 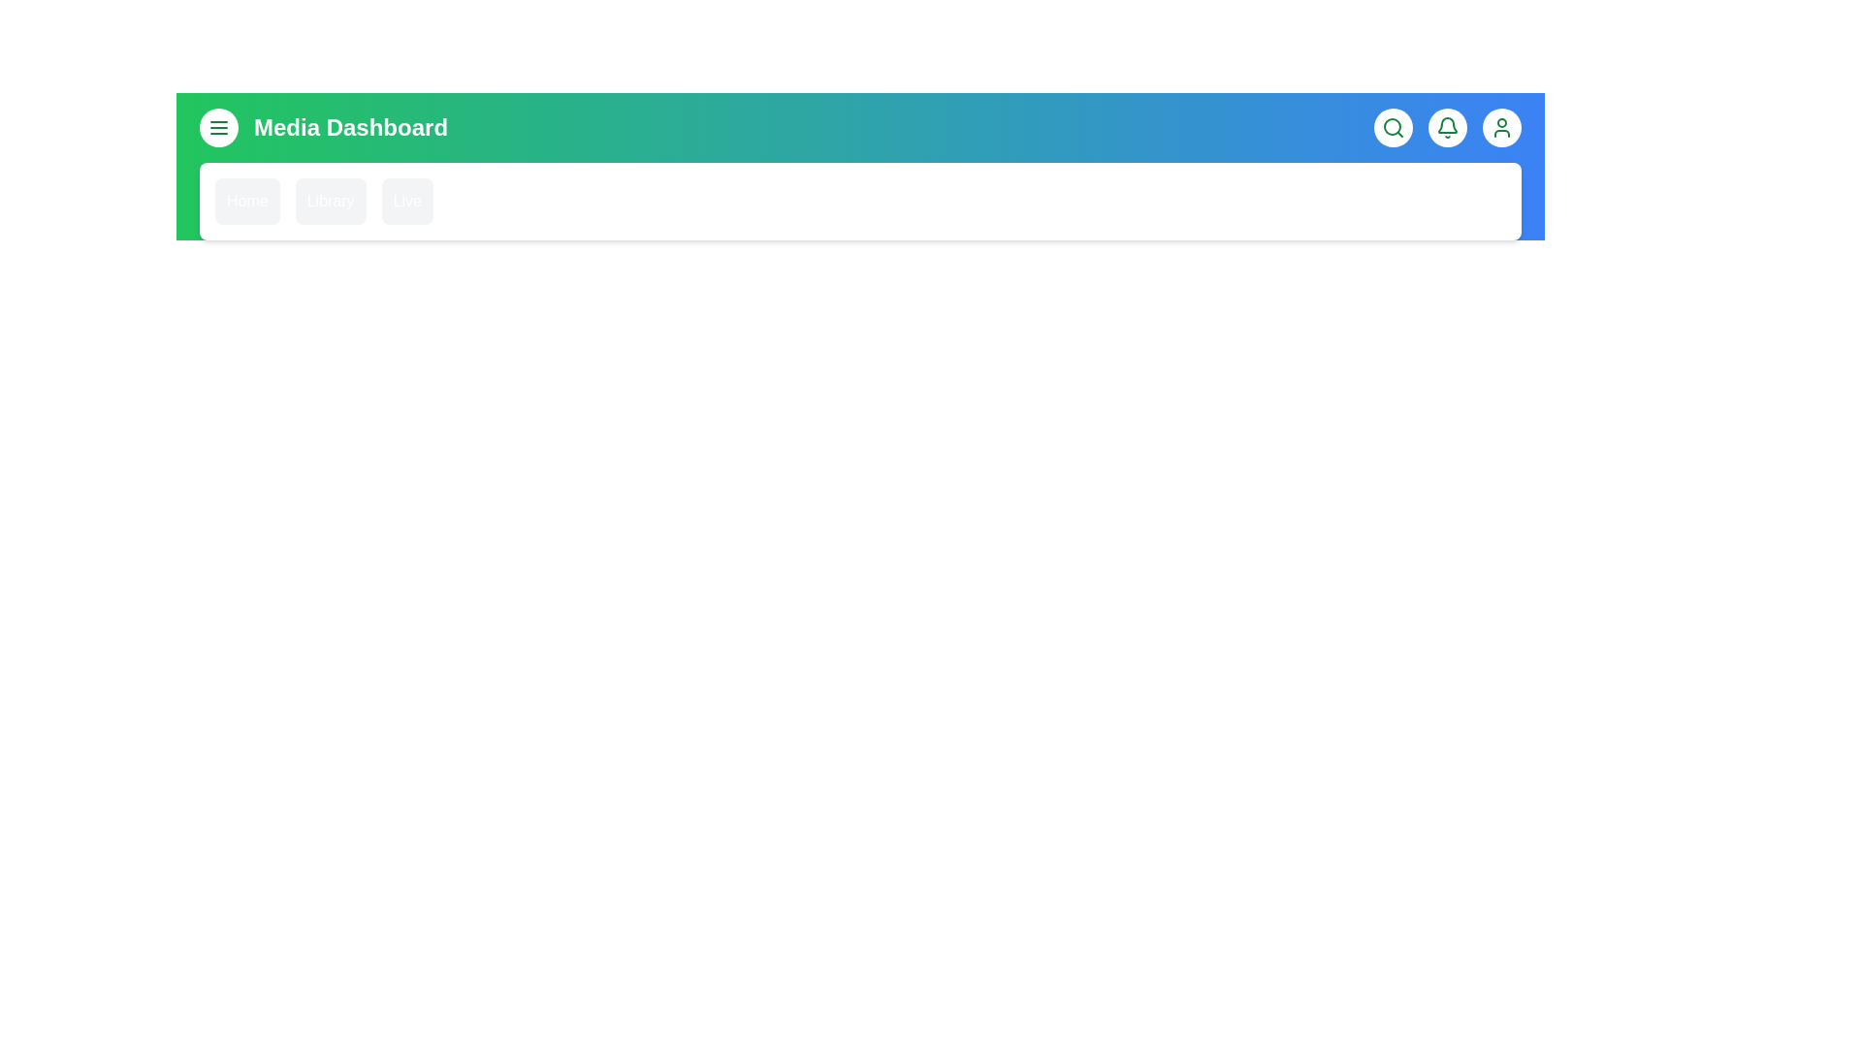 What do you see at coordinates (330, 202) in the screenshot?
I see `the 'Library' menu item` at bounding box center [330, 202].